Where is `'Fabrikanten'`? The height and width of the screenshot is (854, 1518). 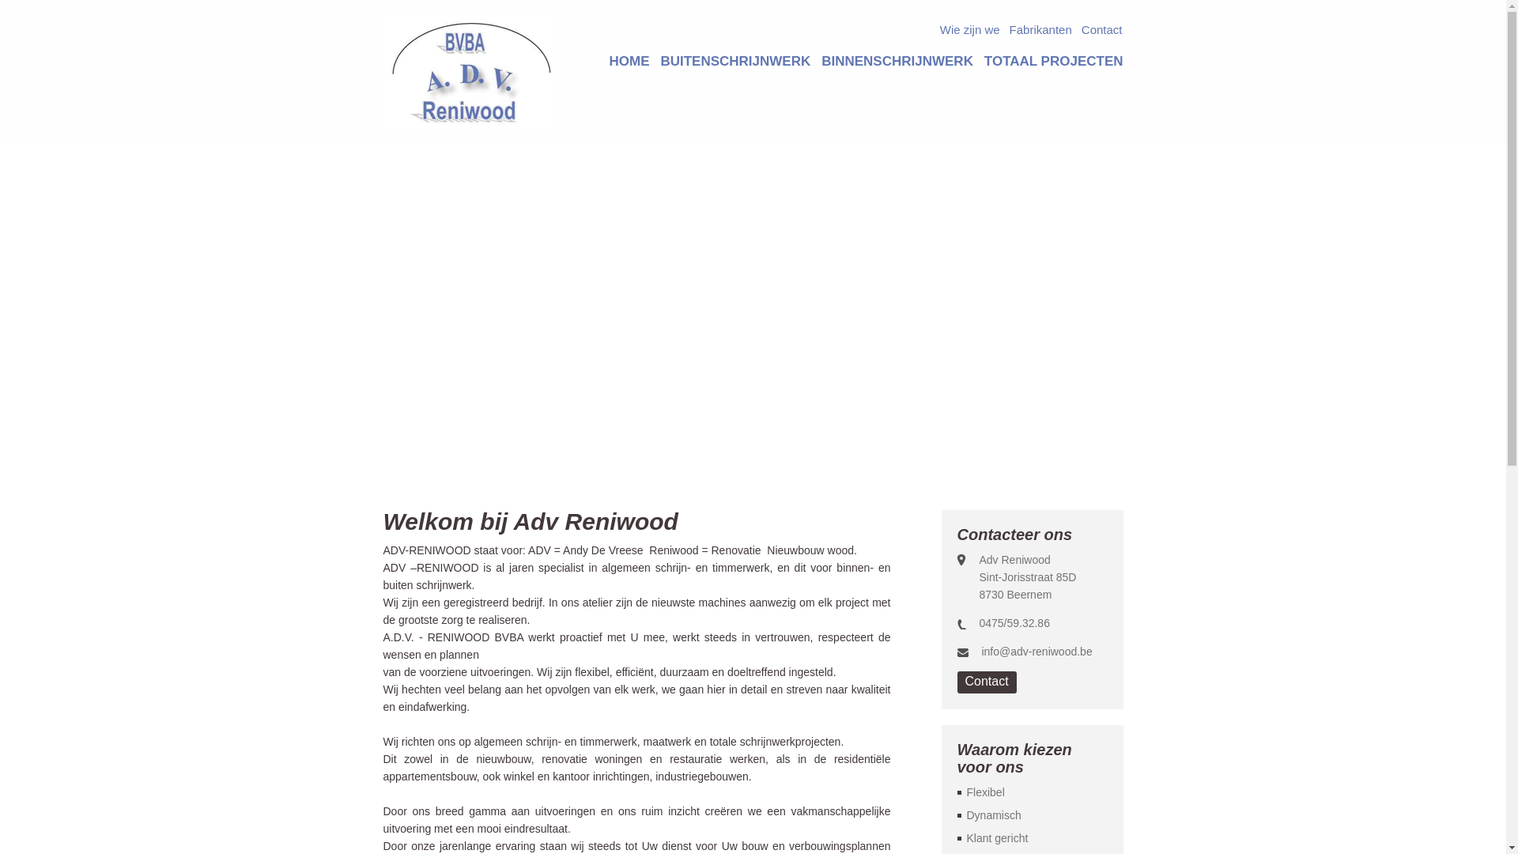
'Fabrikanten' is located at coordinates (1040, 32).